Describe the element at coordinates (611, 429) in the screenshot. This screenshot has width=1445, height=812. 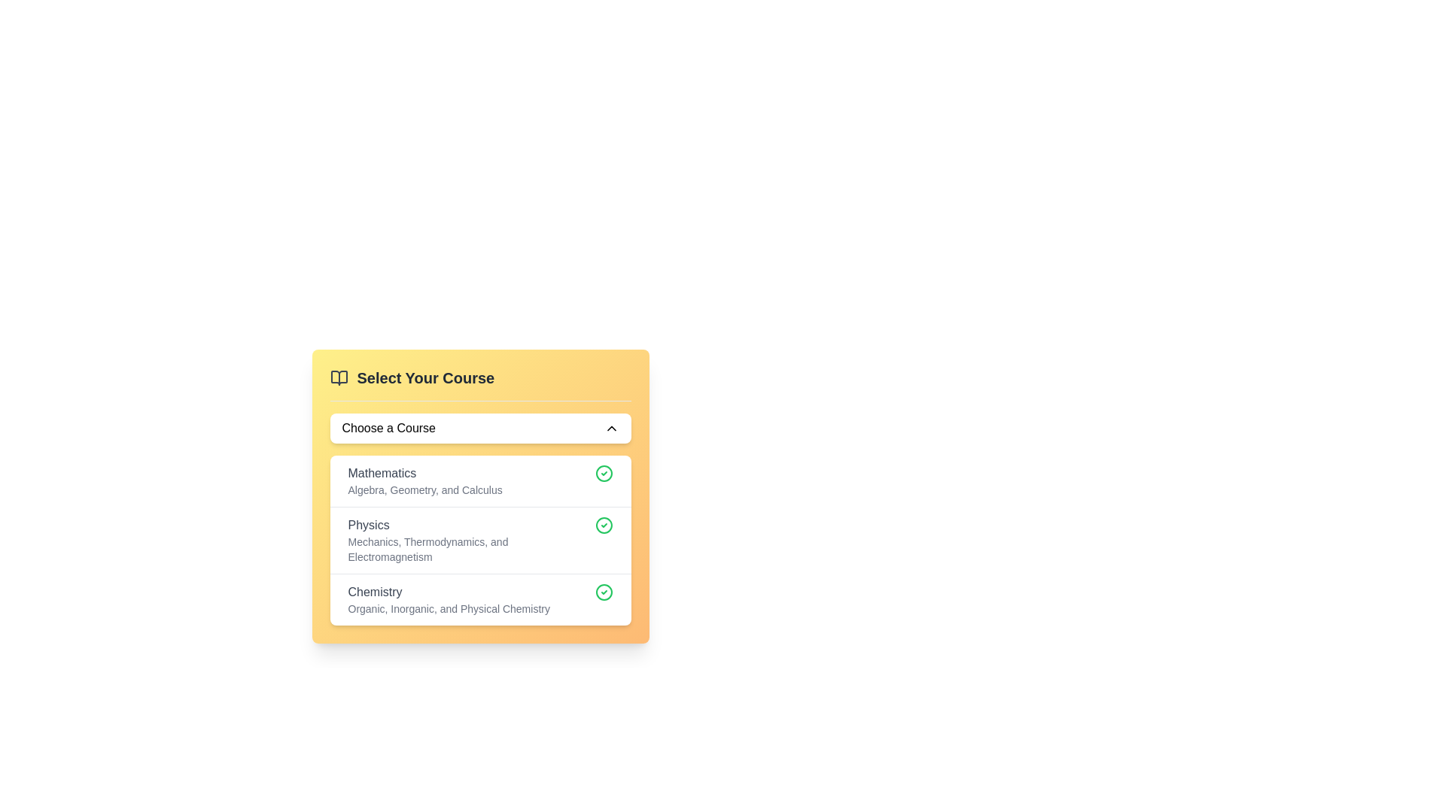
I see `the toggle icon` at that location.